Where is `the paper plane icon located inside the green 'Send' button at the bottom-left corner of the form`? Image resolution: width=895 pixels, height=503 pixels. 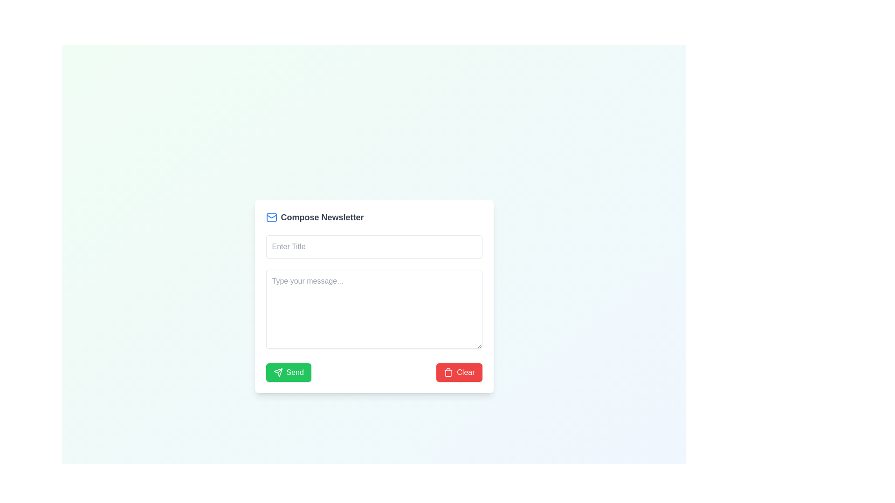
the paper plane icon located inside the green 'Send' button at the bottom-left corner of the form is located at coordinates (277, 372).